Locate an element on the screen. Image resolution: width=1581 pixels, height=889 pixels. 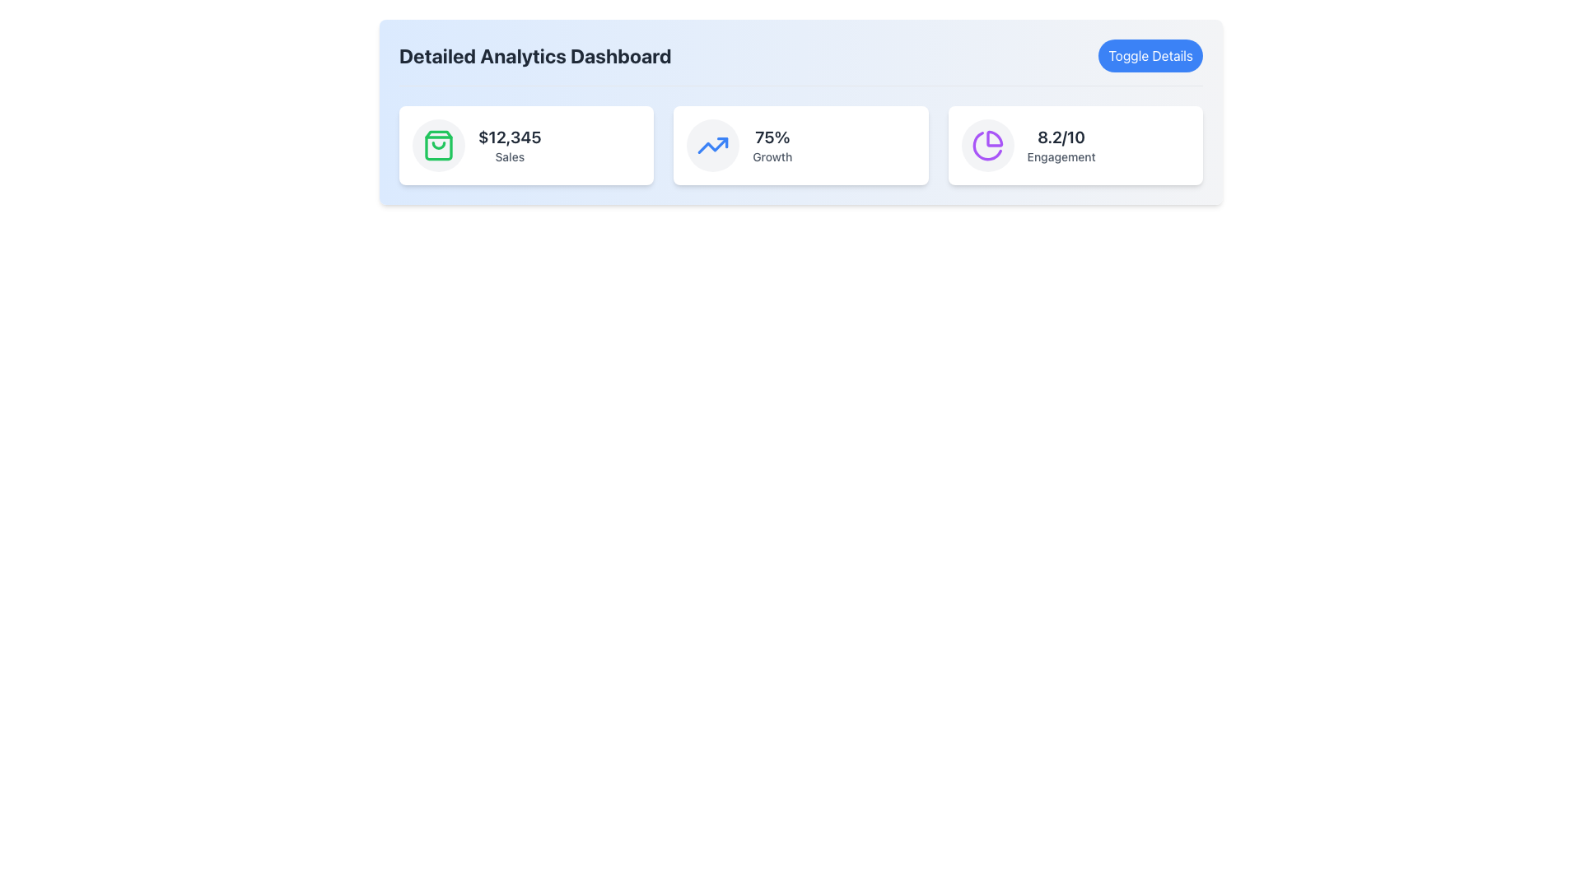
the informational text label displaying '75%' is located at coordinates (772, 145).